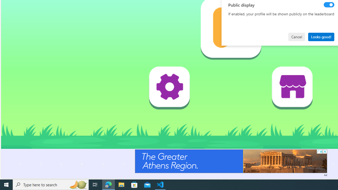  What do you see at coordinates (321, 36) in the screenshot?
I see `'Looks good!'` at bounding box center [321, 36].